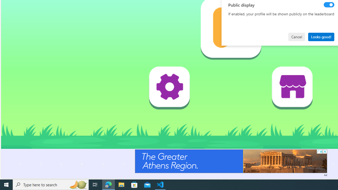  What do you see at coordinates (321, 36) in the screenshot?
I see `'Looks good!'` at bounding box center [321, 36].